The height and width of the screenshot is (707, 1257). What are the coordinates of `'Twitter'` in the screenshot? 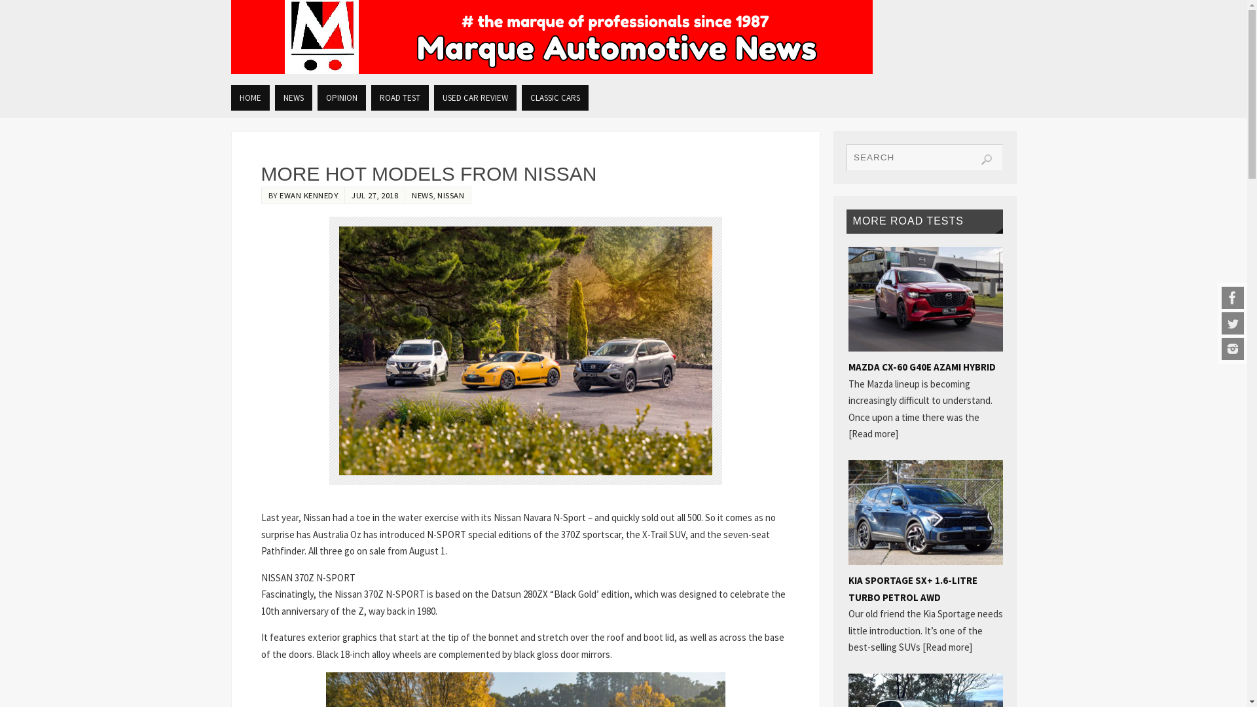 It's located at (1231, 323).